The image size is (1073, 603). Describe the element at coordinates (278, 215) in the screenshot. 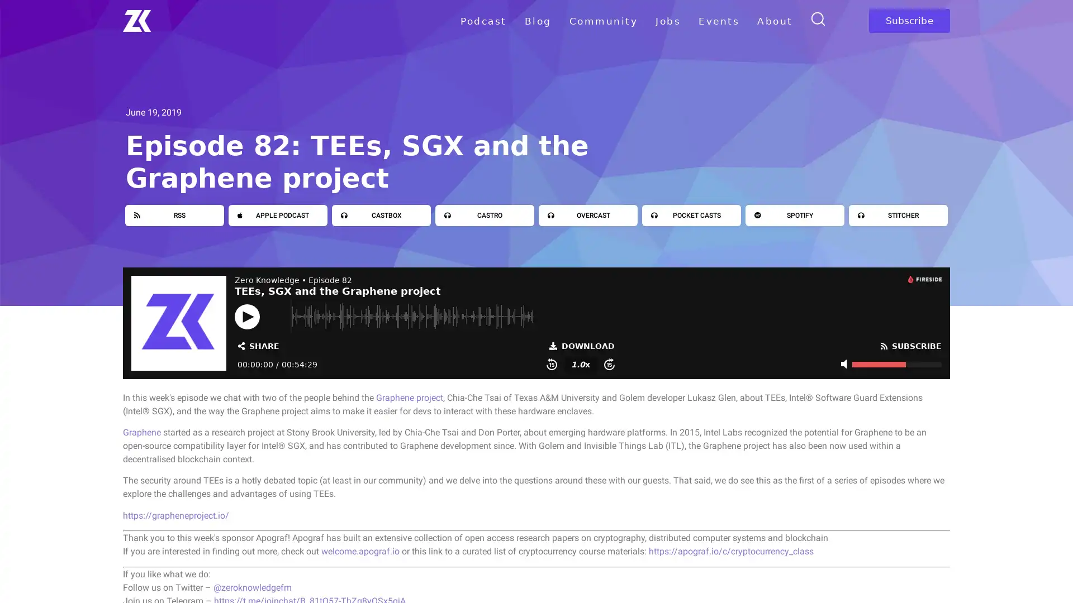

I see `APPLE PODCAST` at that location.